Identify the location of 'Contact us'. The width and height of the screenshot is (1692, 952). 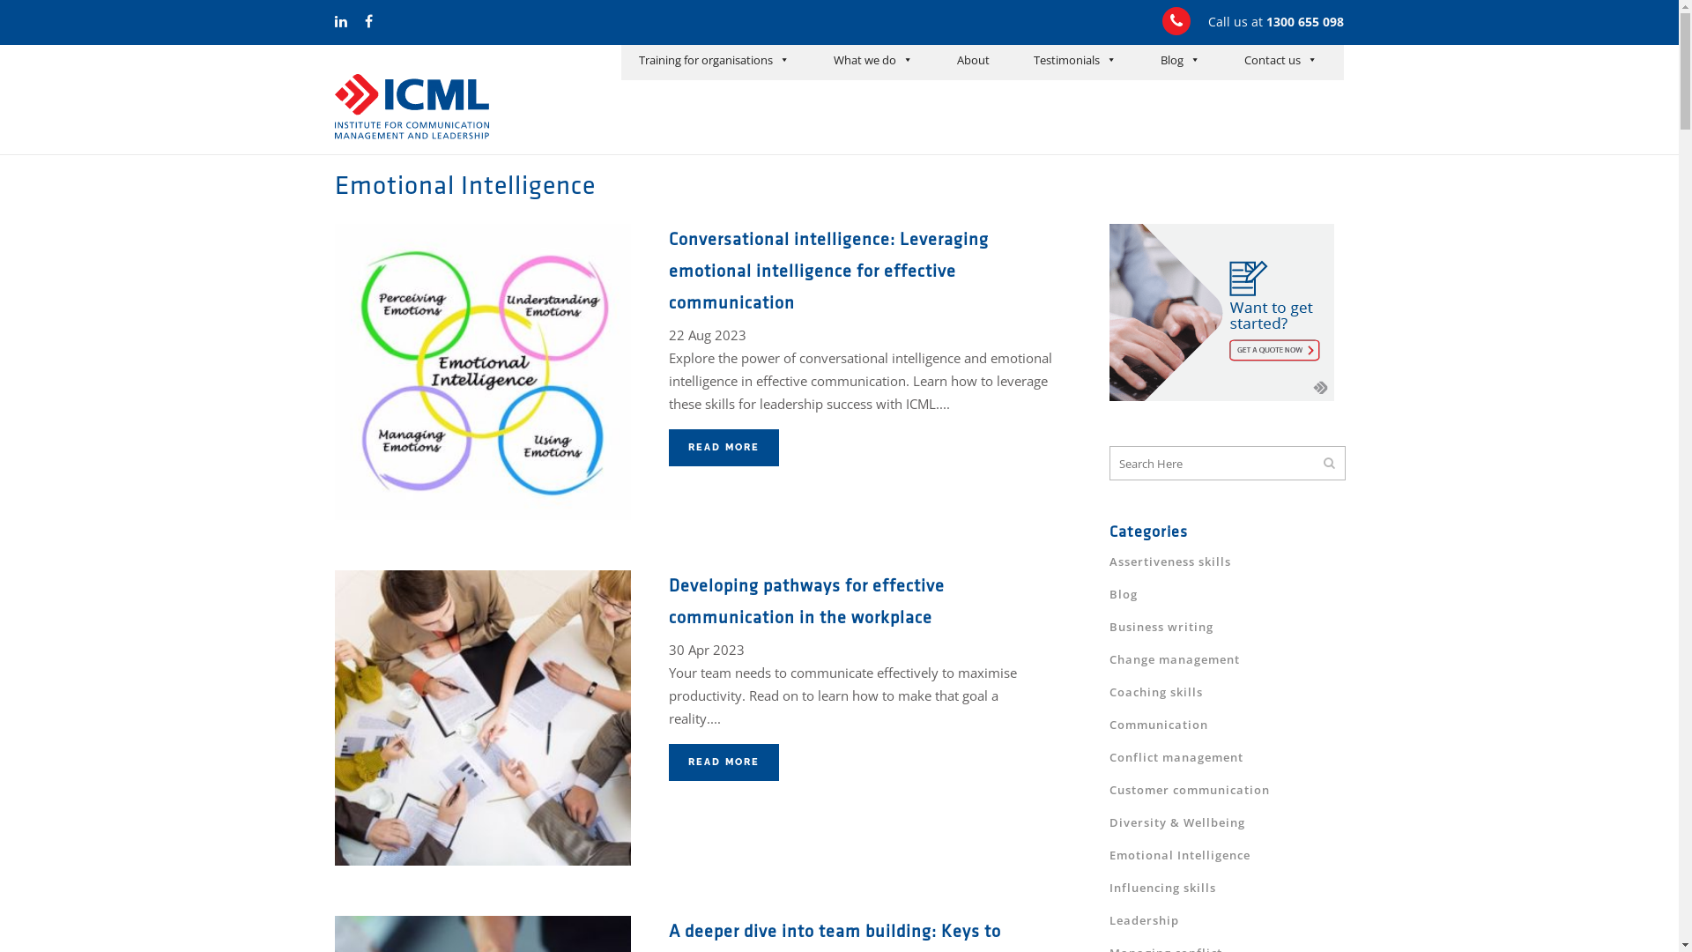
(1280, 61).